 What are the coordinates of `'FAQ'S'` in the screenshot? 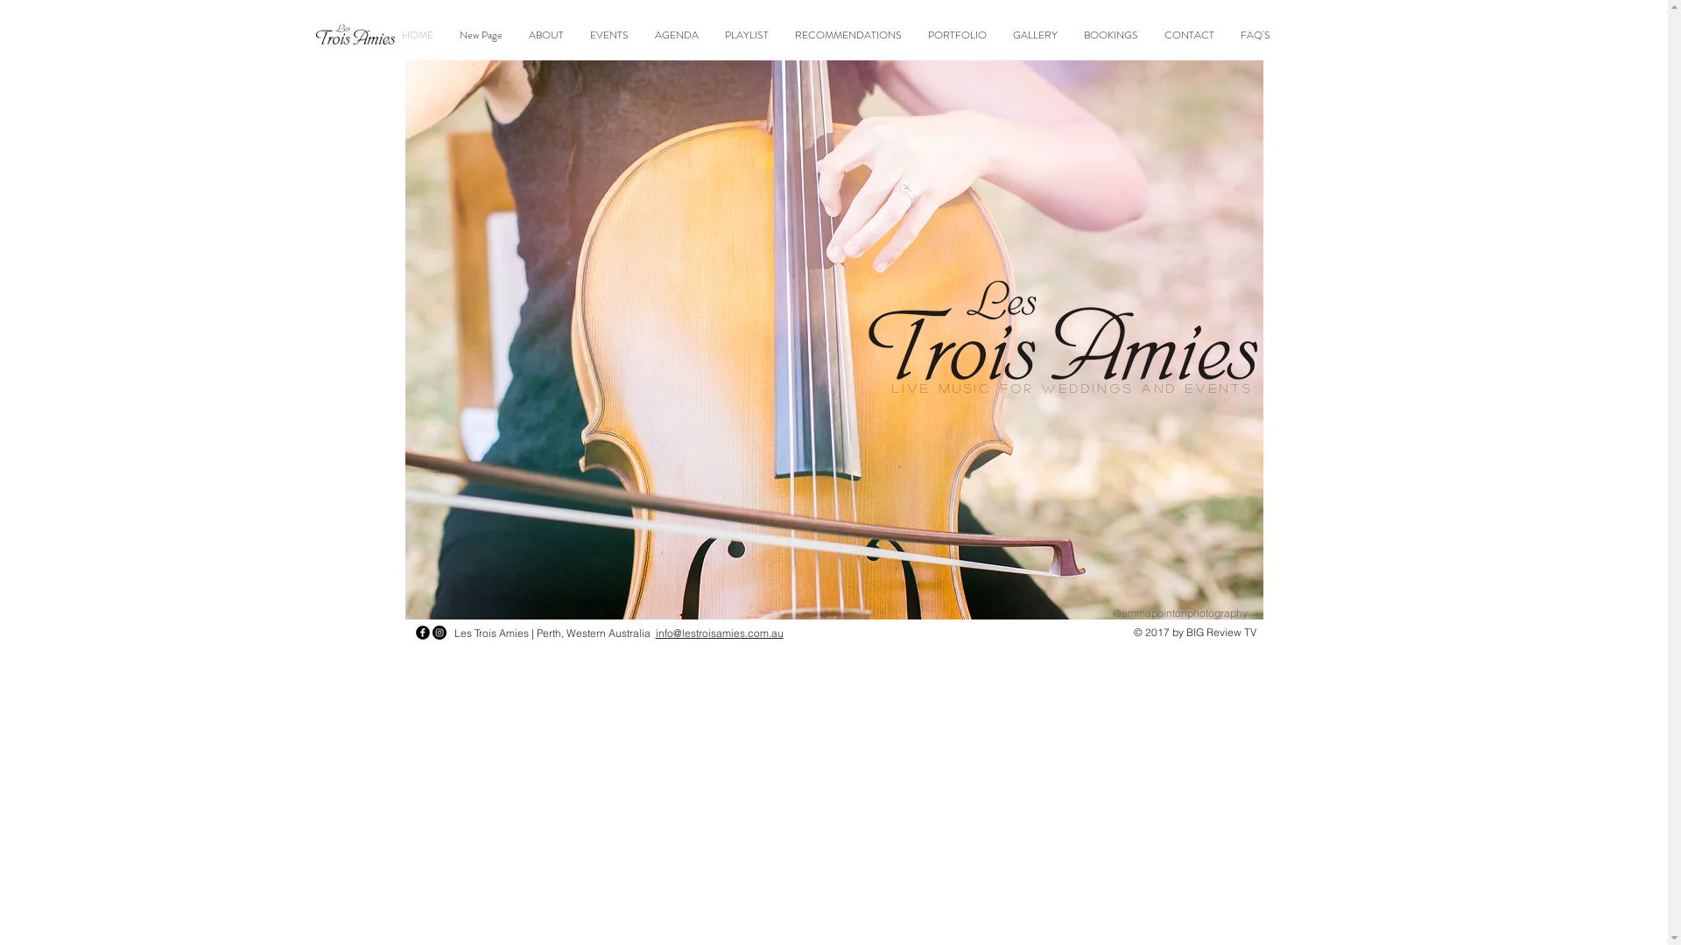 It's located at (1226, 35).